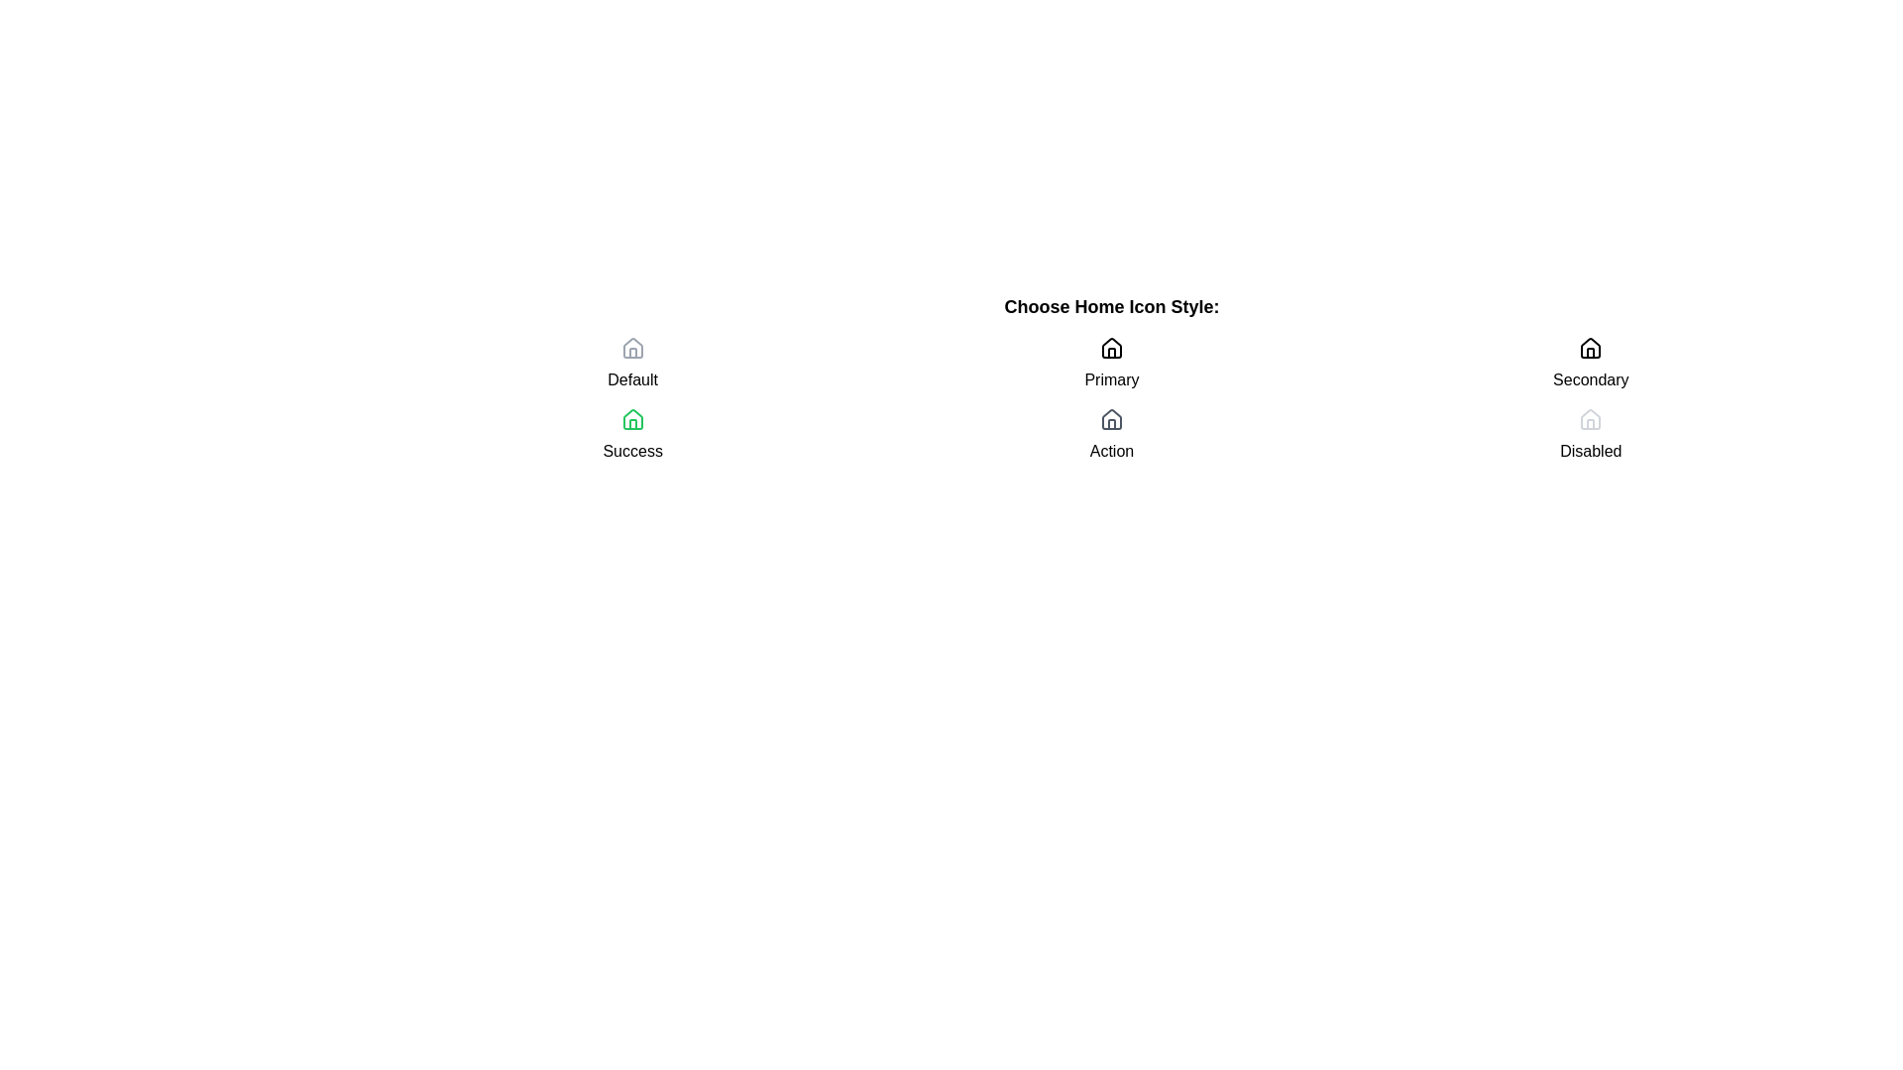  Describe the element at coordinates (1112, 380) in the screenshot. I see `the descriptive text label indicating the style or category of the home icon, which is located below the first icon and label pair in the right column, under the heading 'Choose Home Icon Style:' and above the 'Action' label` at that location.